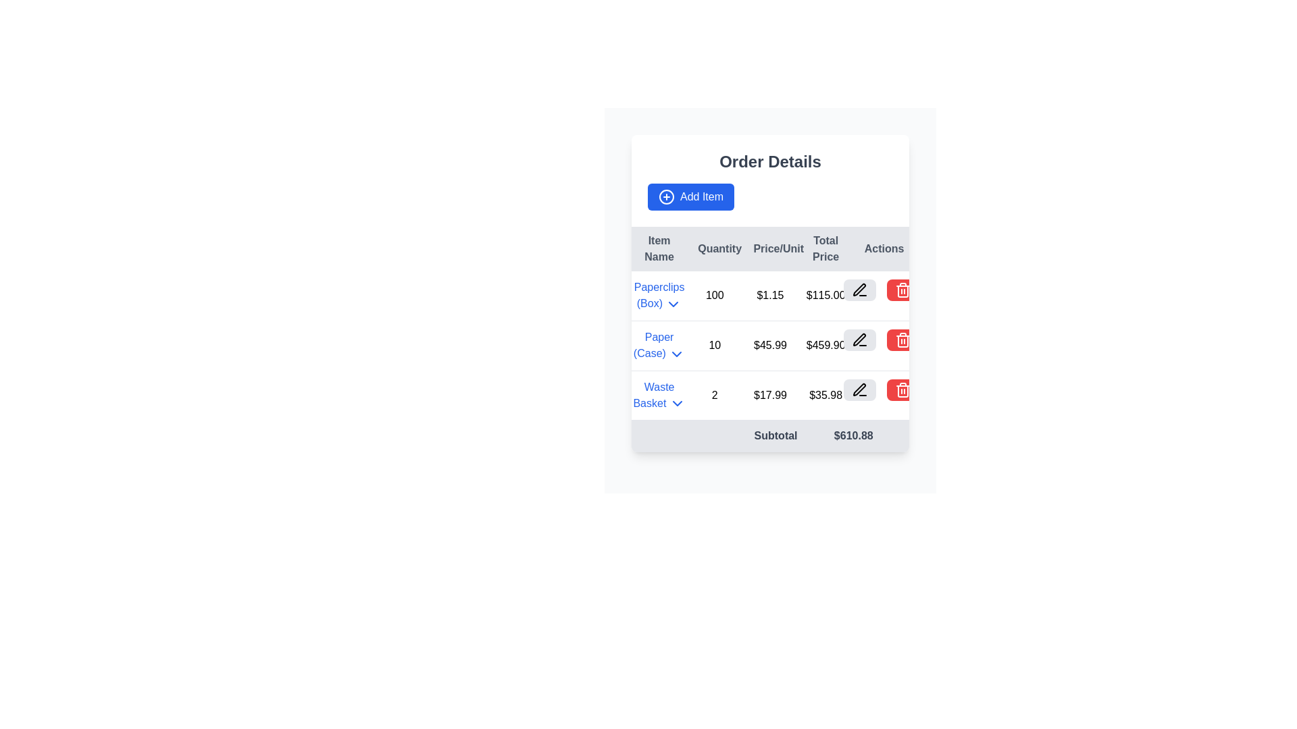 This screenshot has height=729, width=1297. What do you see at coordinates (770, 345) in the screenshot?
I see `the text displaying the value '$45.99' located in the second row of the 'Order Details' section under the 'Price/Unit' column` at bounding box center [770, 345].